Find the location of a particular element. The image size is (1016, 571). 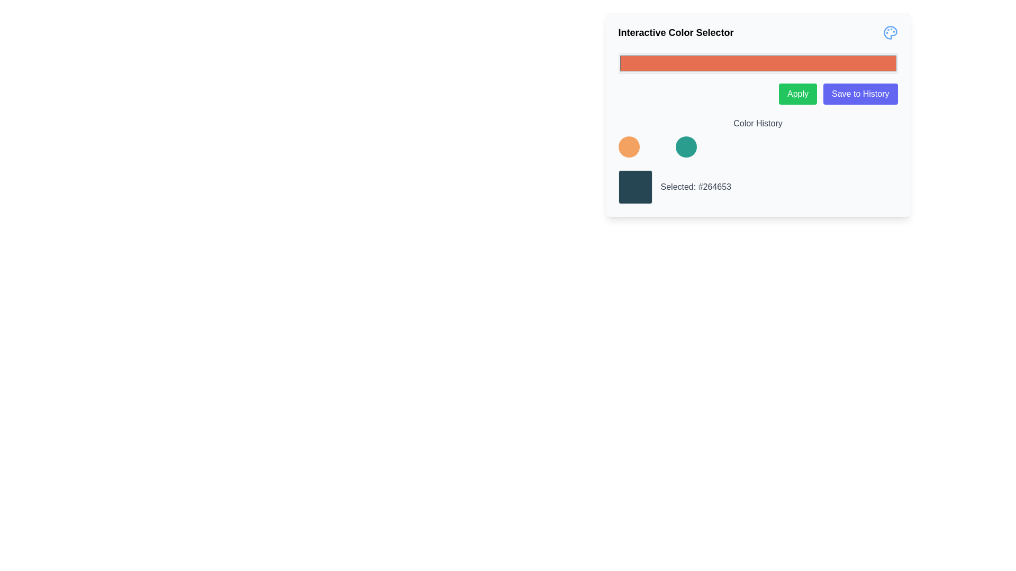

the 'Save to History' button with a blue background and white text located in the top-right corner of the interface is located at coordinates (860, 93).